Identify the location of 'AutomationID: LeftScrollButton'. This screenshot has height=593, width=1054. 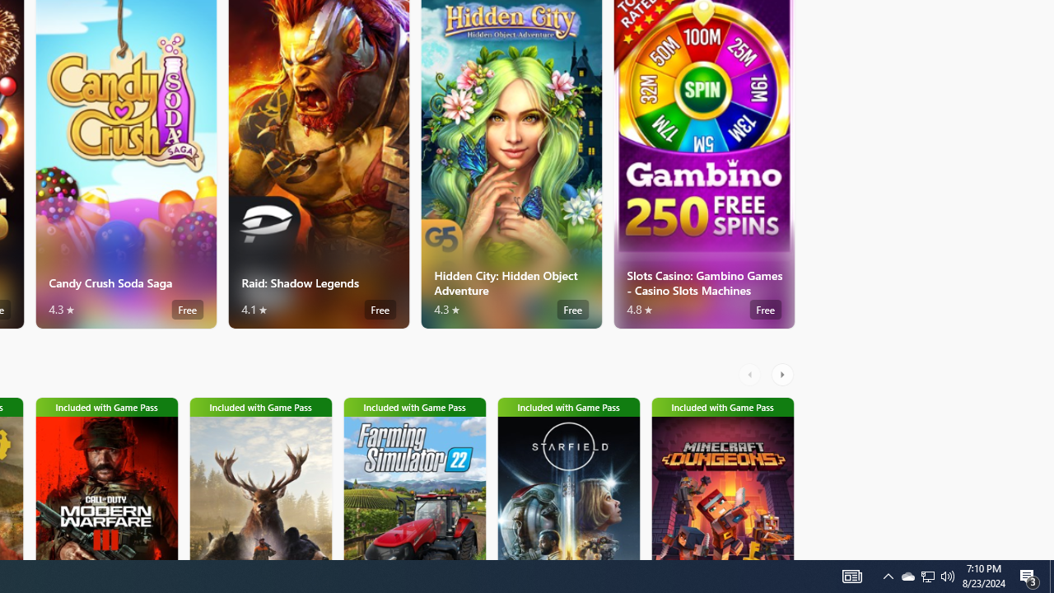
(751, 375).